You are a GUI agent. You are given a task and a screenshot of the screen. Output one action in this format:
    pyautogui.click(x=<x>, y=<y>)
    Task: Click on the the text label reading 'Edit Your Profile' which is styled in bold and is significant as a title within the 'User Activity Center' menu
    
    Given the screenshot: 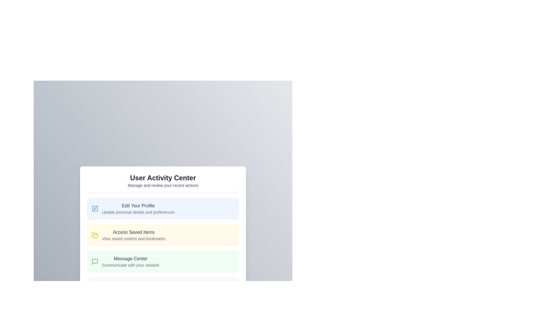 What is the action you would take?
    pyautogui.click(x=138, y=205)
    